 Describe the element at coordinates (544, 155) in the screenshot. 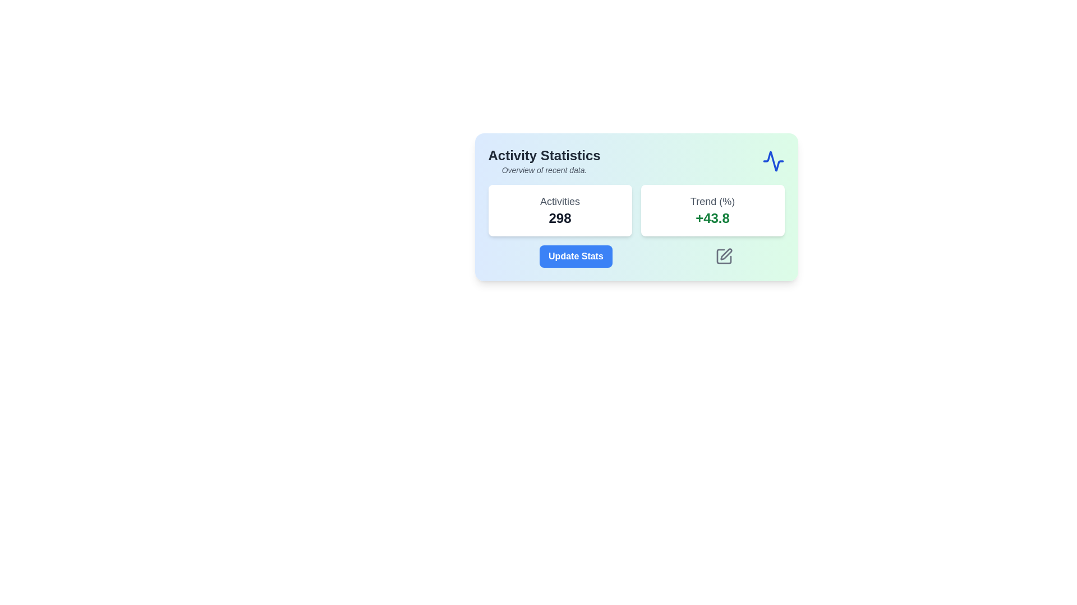

I see `the 'Activity Statistics' text label, which is prominently displayed in a larger, bold font and is dark gray in color, located in the upper-left corner of a card layout` at that location.